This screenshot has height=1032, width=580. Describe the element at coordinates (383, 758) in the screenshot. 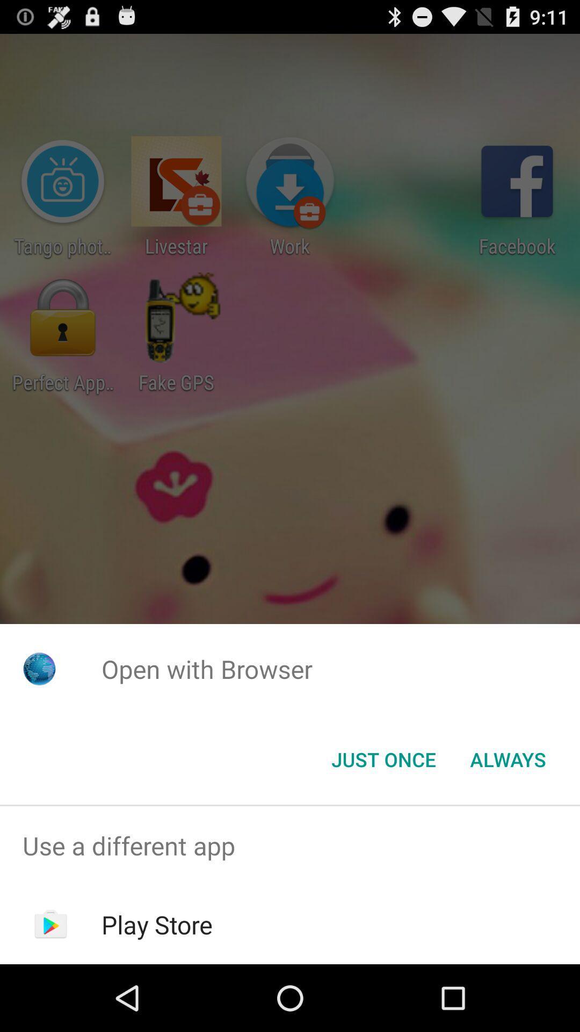

I see `the item next to always item` at that location.